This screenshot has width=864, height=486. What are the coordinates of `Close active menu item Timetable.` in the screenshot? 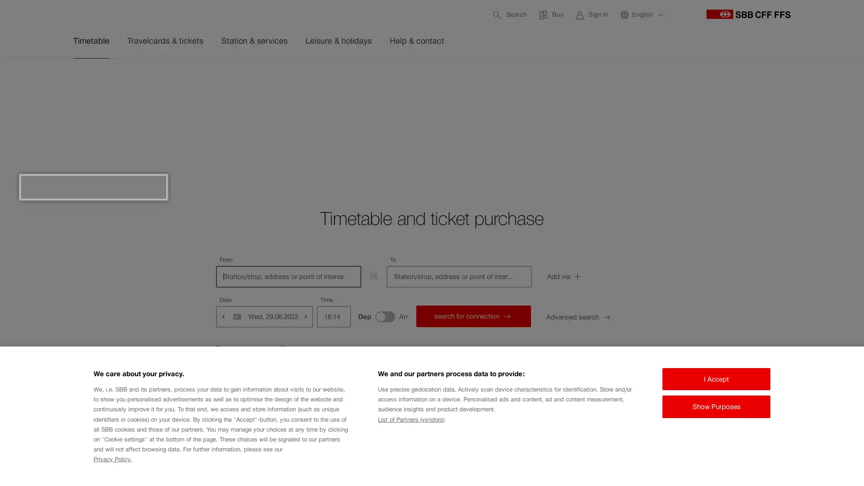 It's located at (801, 79).